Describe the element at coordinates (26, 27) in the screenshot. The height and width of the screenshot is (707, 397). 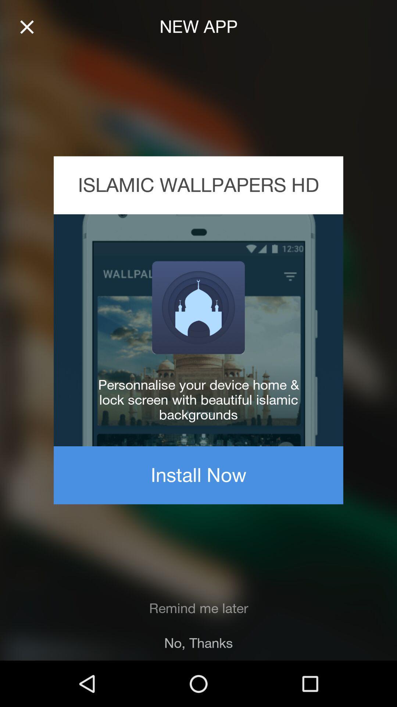
I see `the close icon` at that location.